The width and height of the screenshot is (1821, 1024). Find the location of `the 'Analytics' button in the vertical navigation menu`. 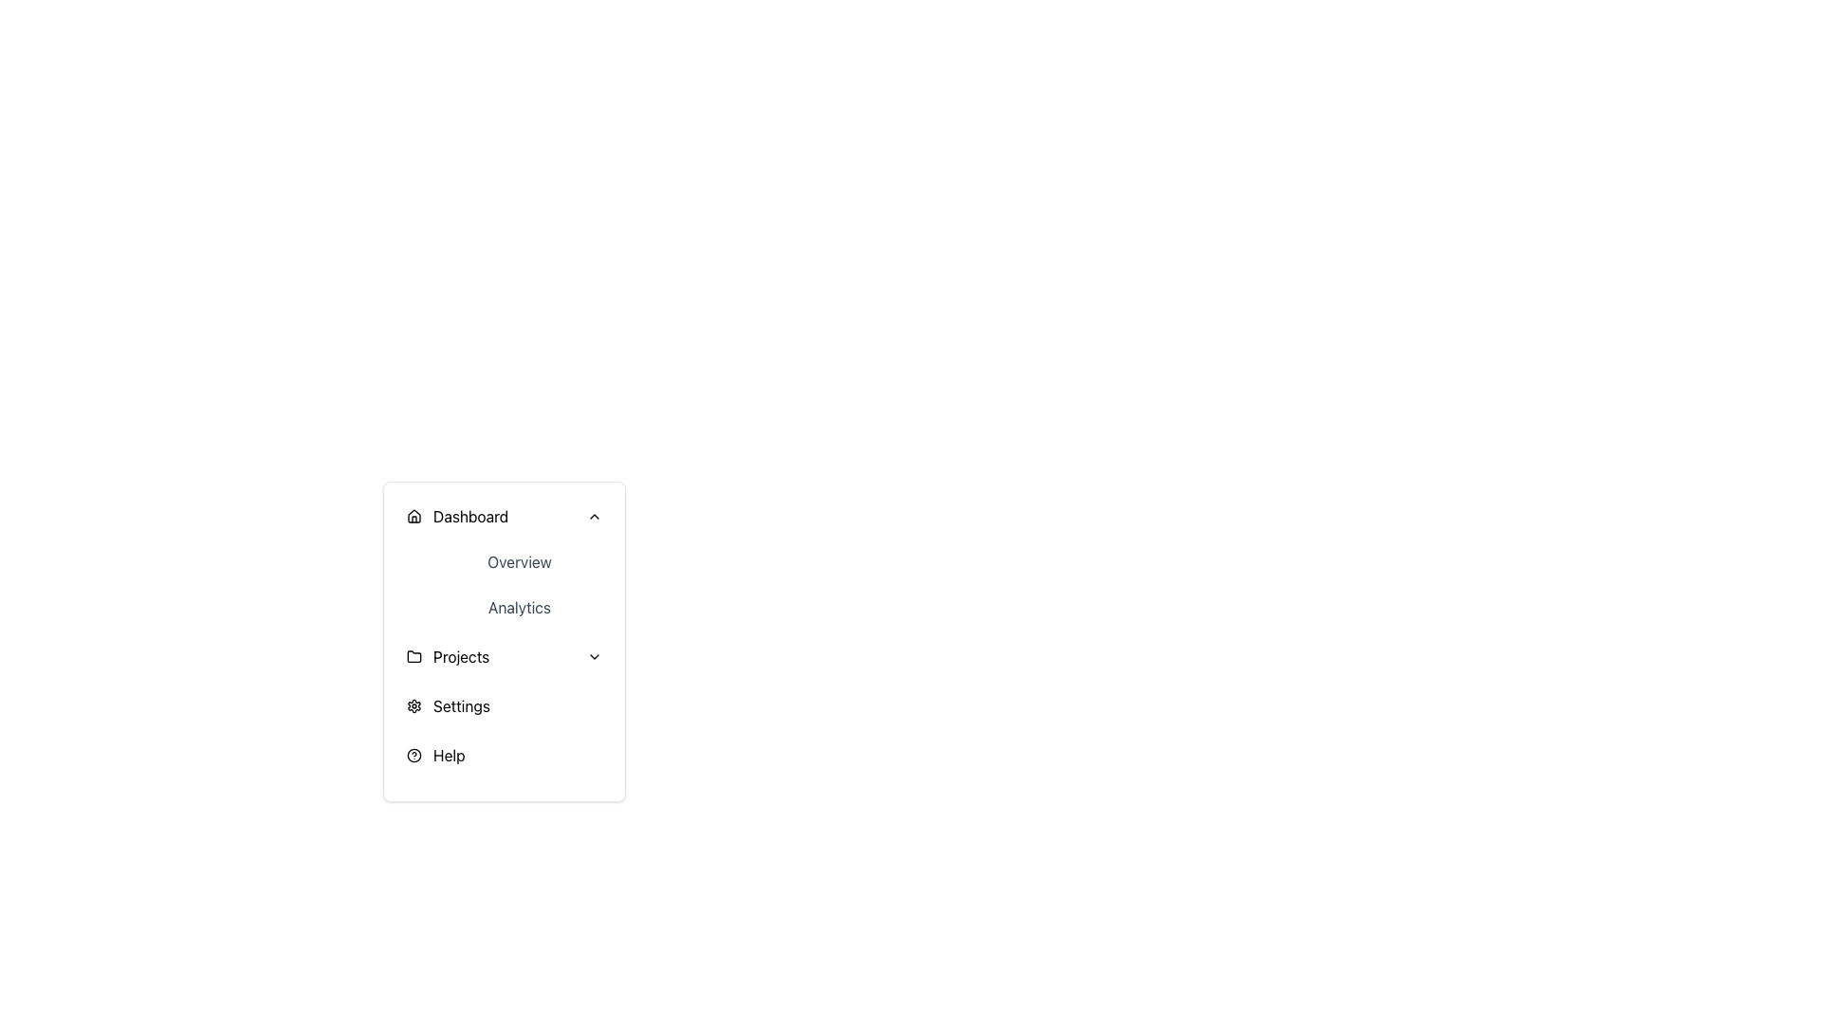

the 'Analytics' button in the vertical navigation menu is located at coordinates (519, 607).